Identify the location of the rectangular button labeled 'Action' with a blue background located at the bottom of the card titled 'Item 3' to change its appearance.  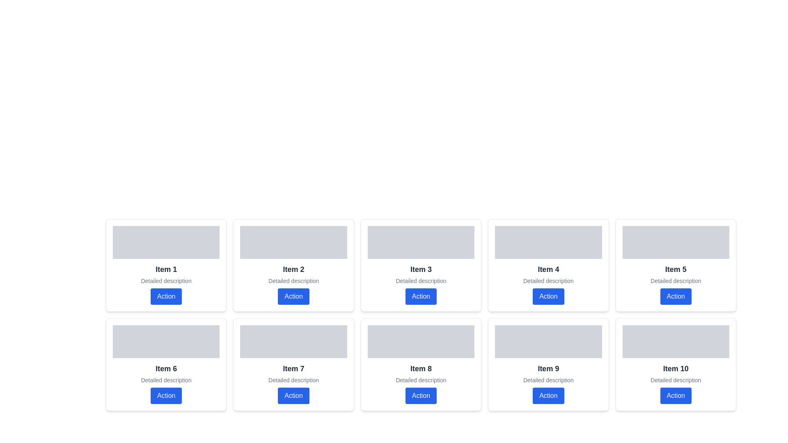
(421, 296).